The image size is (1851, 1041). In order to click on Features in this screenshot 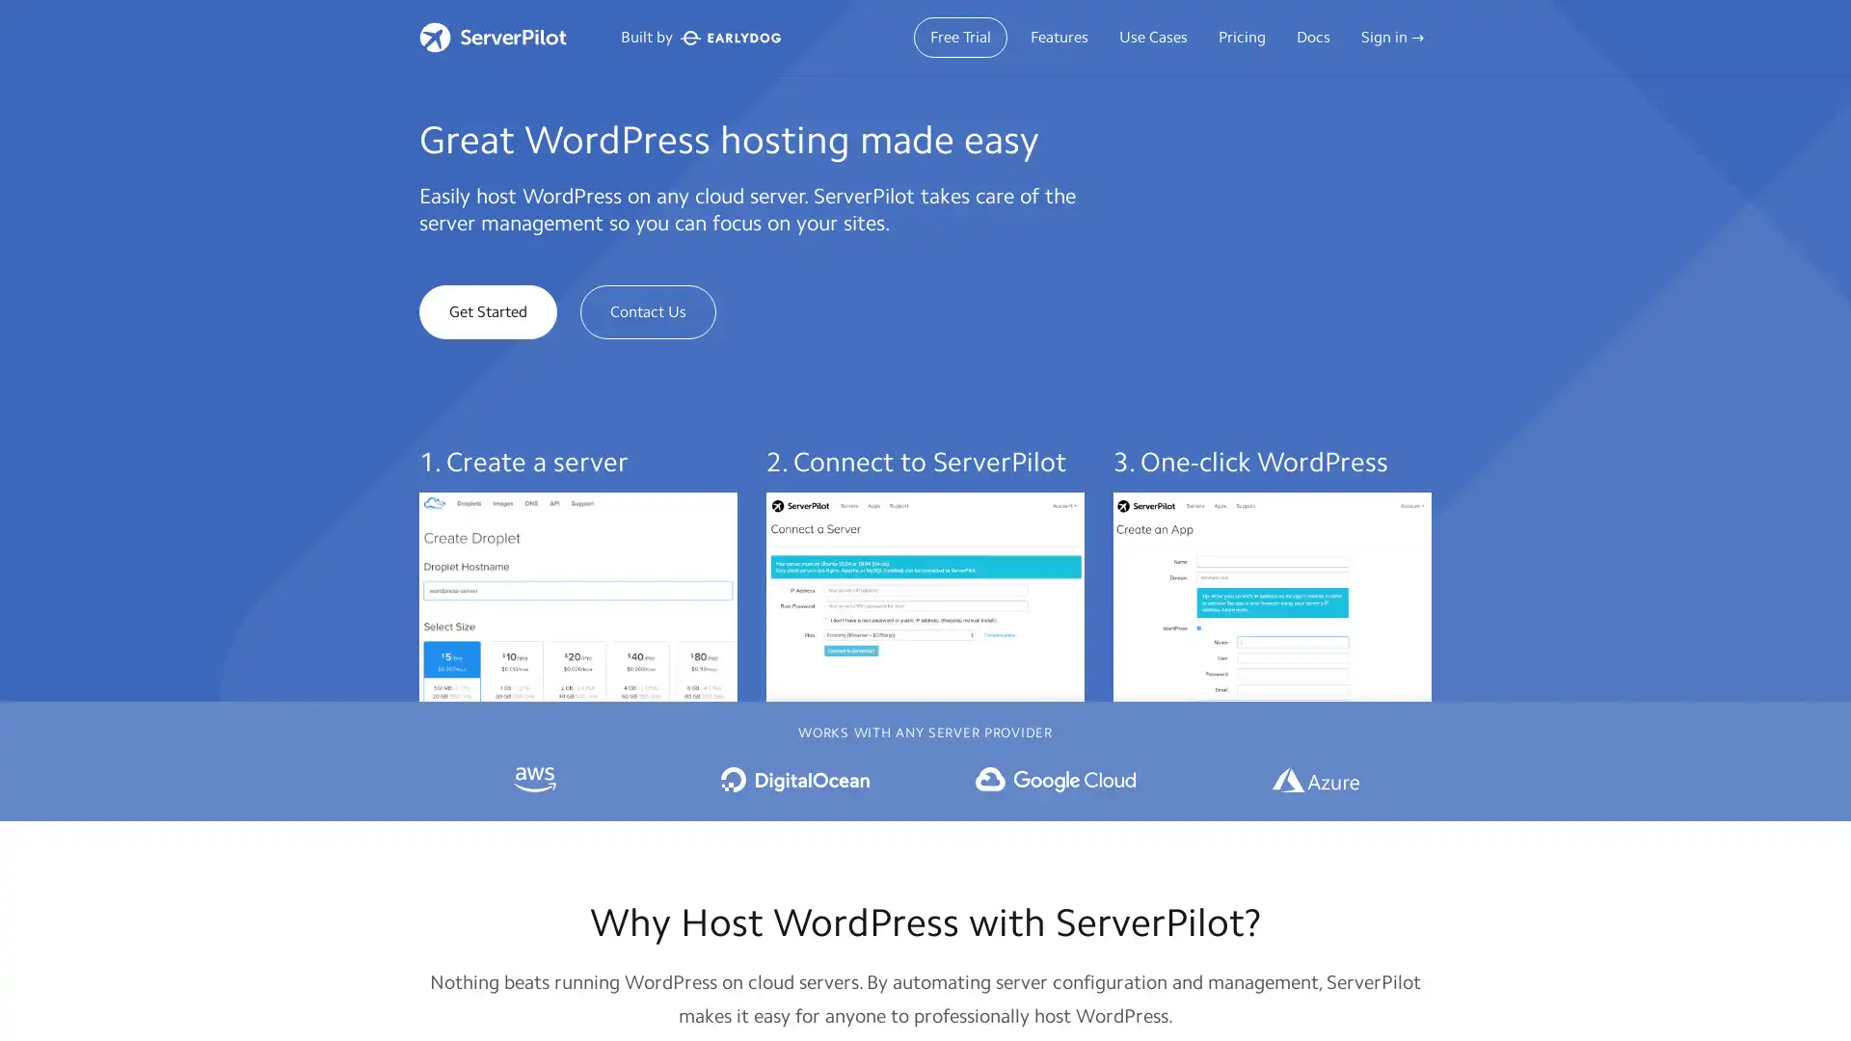, I will do `click(1059, 37)`.